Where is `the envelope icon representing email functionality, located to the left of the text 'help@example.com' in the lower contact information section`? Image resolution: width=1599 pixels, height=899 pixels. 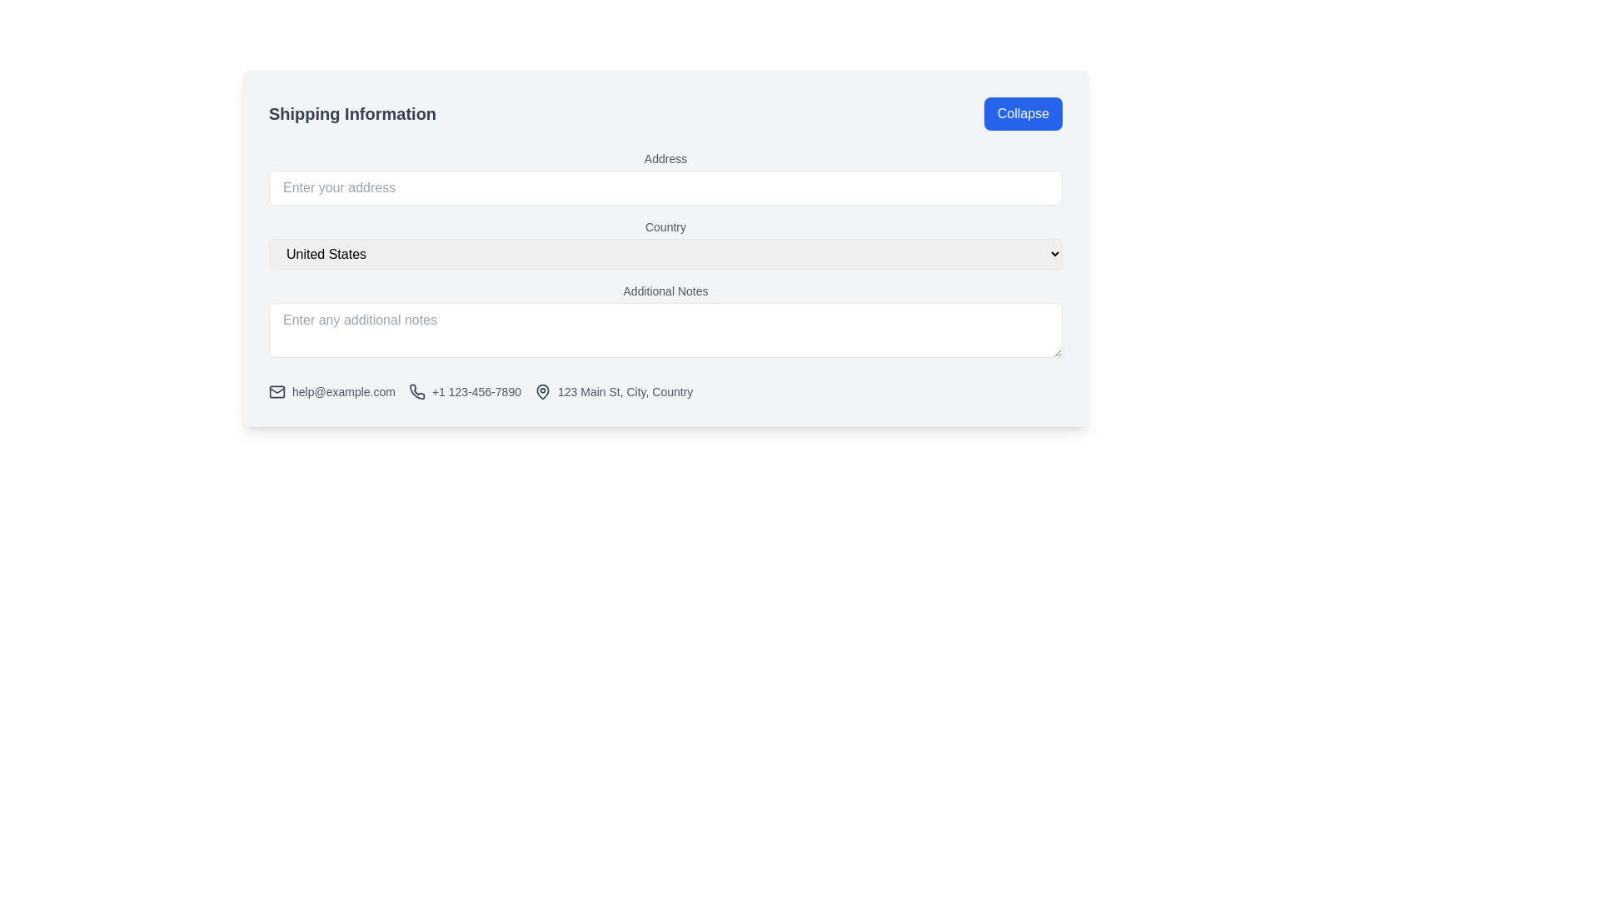
the envelope icon representing email functionality, located to the left of the text 'help@example.com' in the lower contact information section is located at coordinates (276, 391).